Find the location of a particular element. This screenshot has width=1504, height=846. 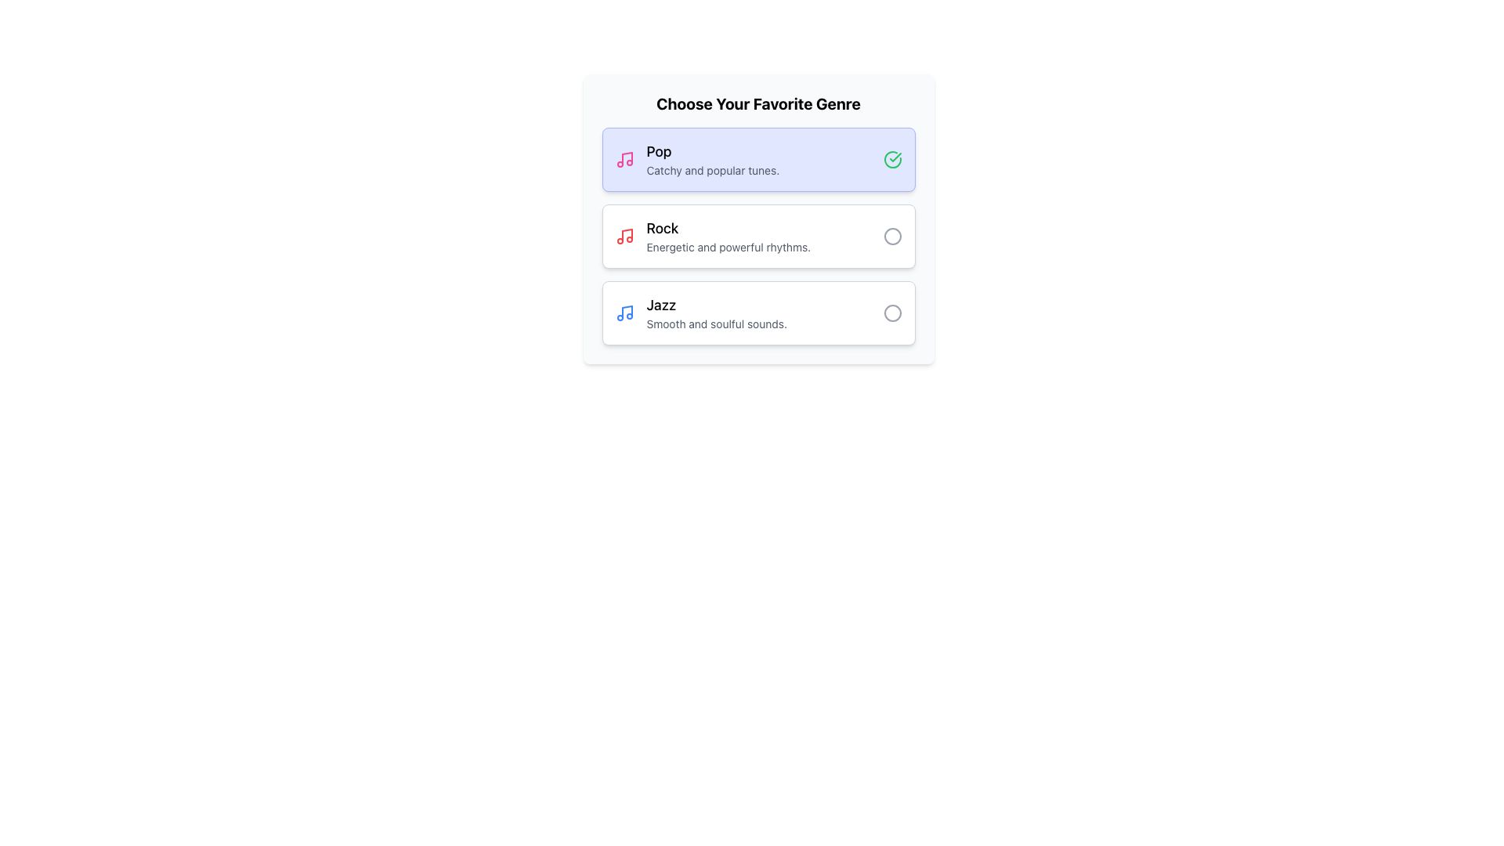

the pink music note icon located to the left of the 'Pop' genre title text in the card layout is located at coordinates (624, 160).